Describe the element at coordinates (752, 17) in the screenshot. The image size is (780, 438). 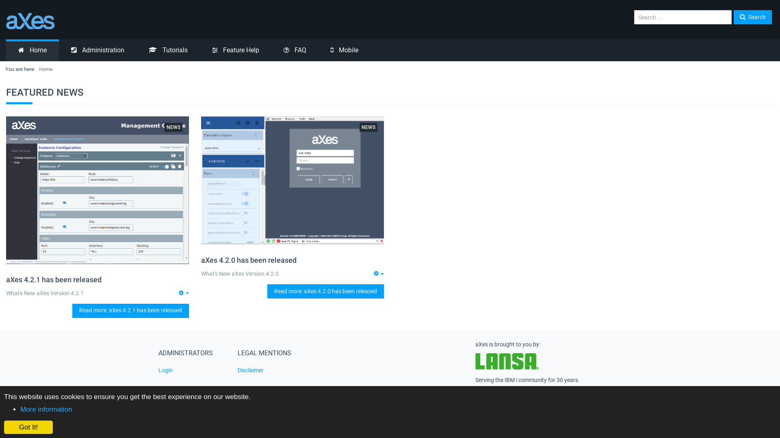
I see `'Search'` at that location.